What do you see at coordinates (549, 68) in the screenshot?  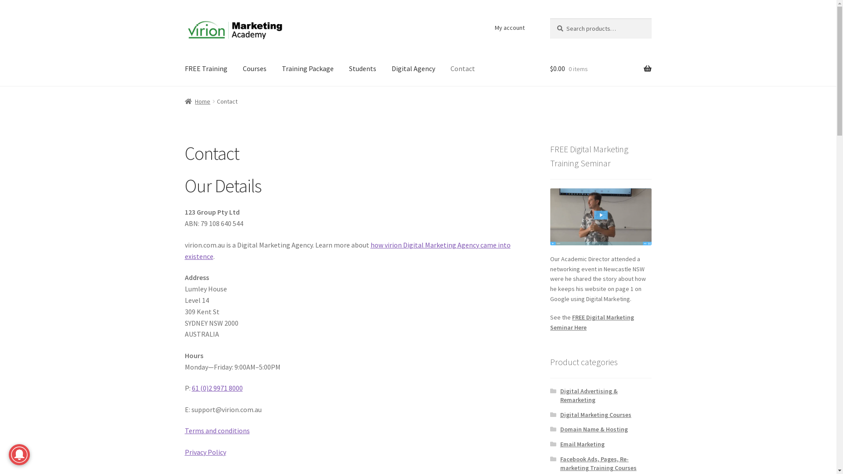 I see `'$0.00 0 items'` at bounding box center [549, 68].